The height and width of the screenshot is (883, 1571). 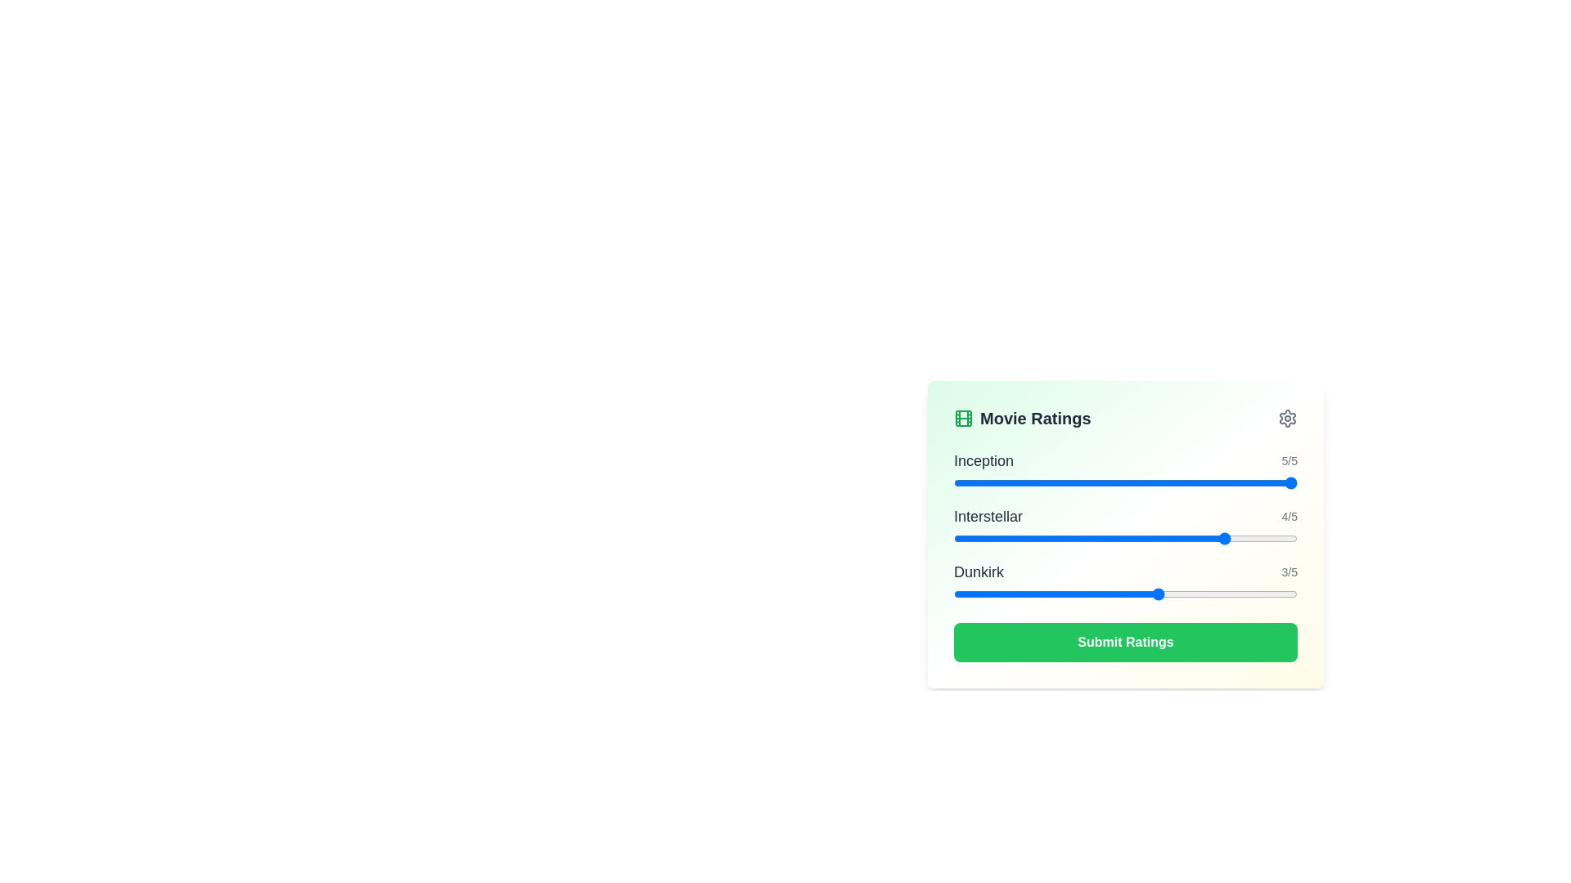 What do you see at coordinates (954, 539) in the screenshot?
I see `the rating for 'Interstellar'` at bounding box center [954, 539].